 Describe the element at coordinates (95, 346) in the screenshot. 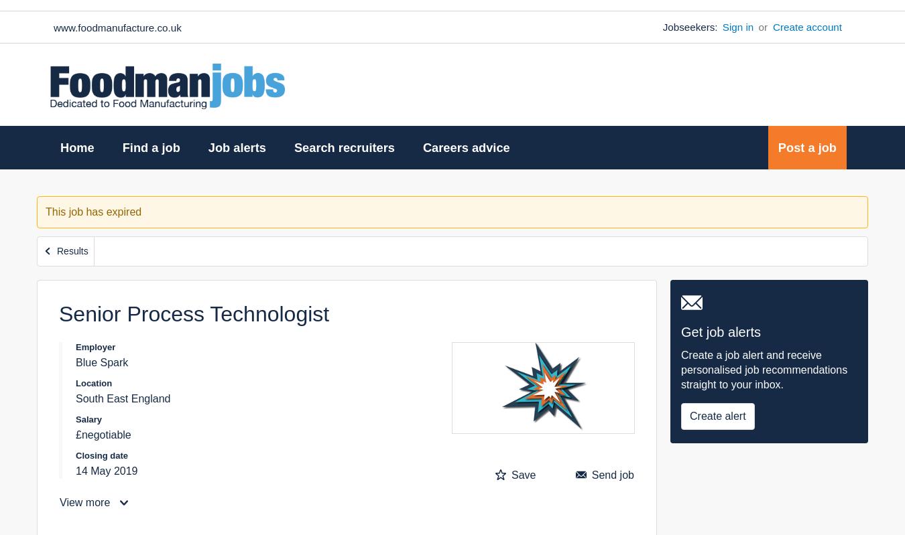

I see `'Employer'` at that location.